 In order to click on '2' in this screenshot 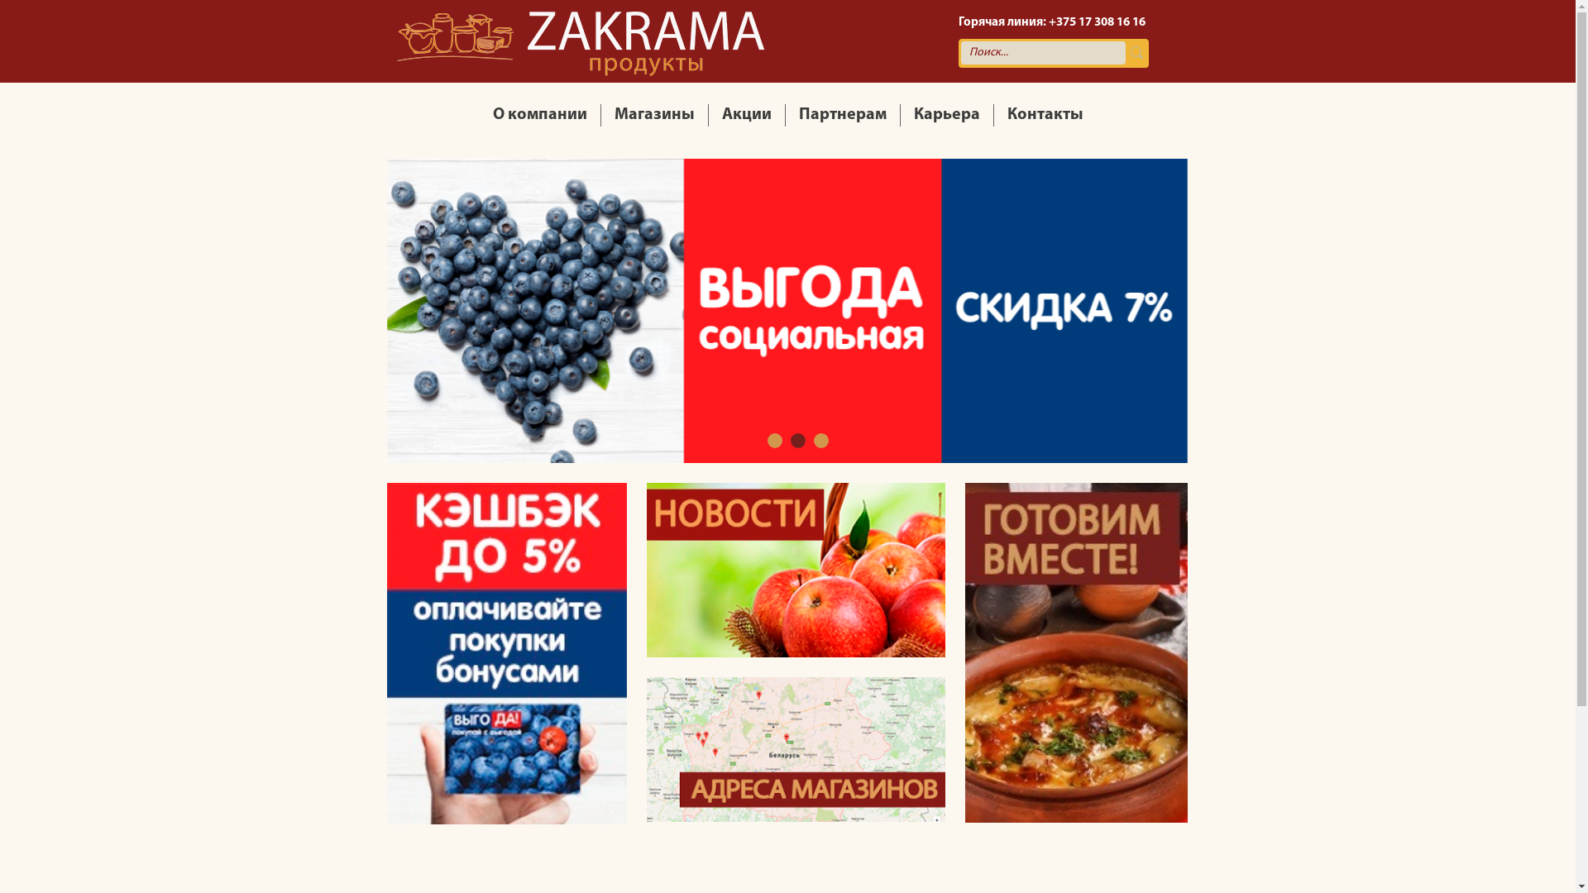, I will do `click(797, 439)`.